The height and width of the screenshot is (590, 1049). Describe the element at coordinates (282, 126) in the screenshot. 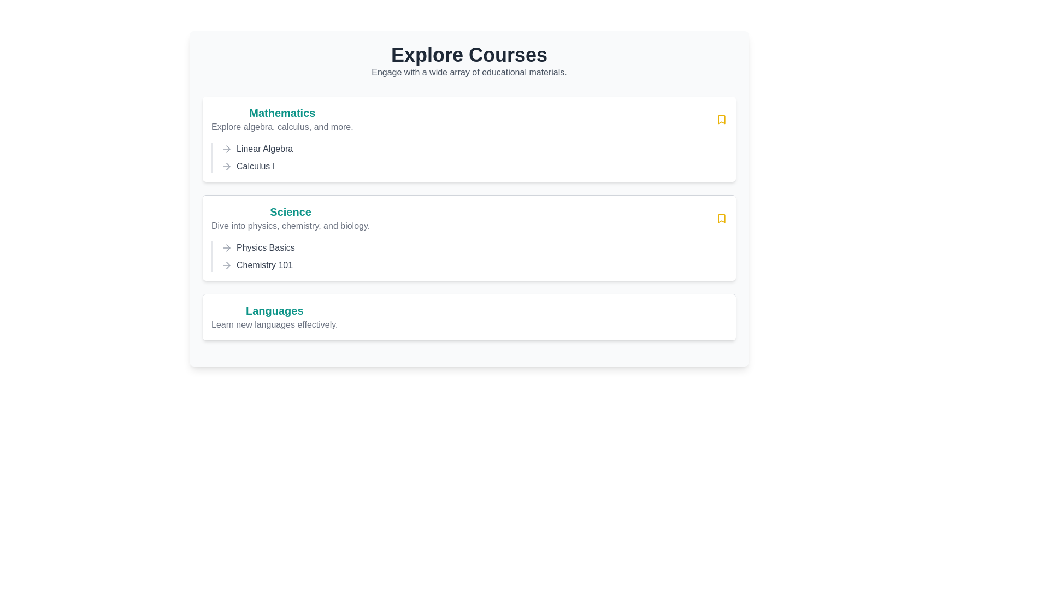

I see `the supplementary static text providing context for the 'Mathematics' category, located immediately after the header in the interface` at that location.